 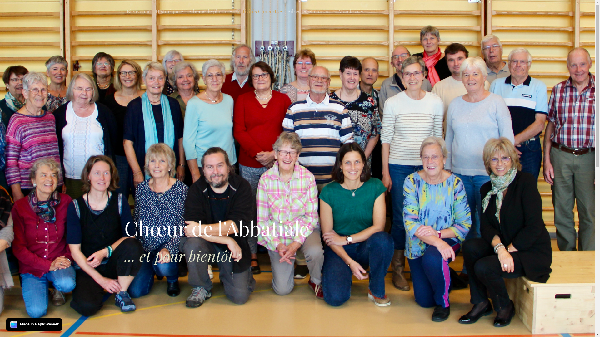 I want to click on 'Bienvenue', so click(x=138, y=12).